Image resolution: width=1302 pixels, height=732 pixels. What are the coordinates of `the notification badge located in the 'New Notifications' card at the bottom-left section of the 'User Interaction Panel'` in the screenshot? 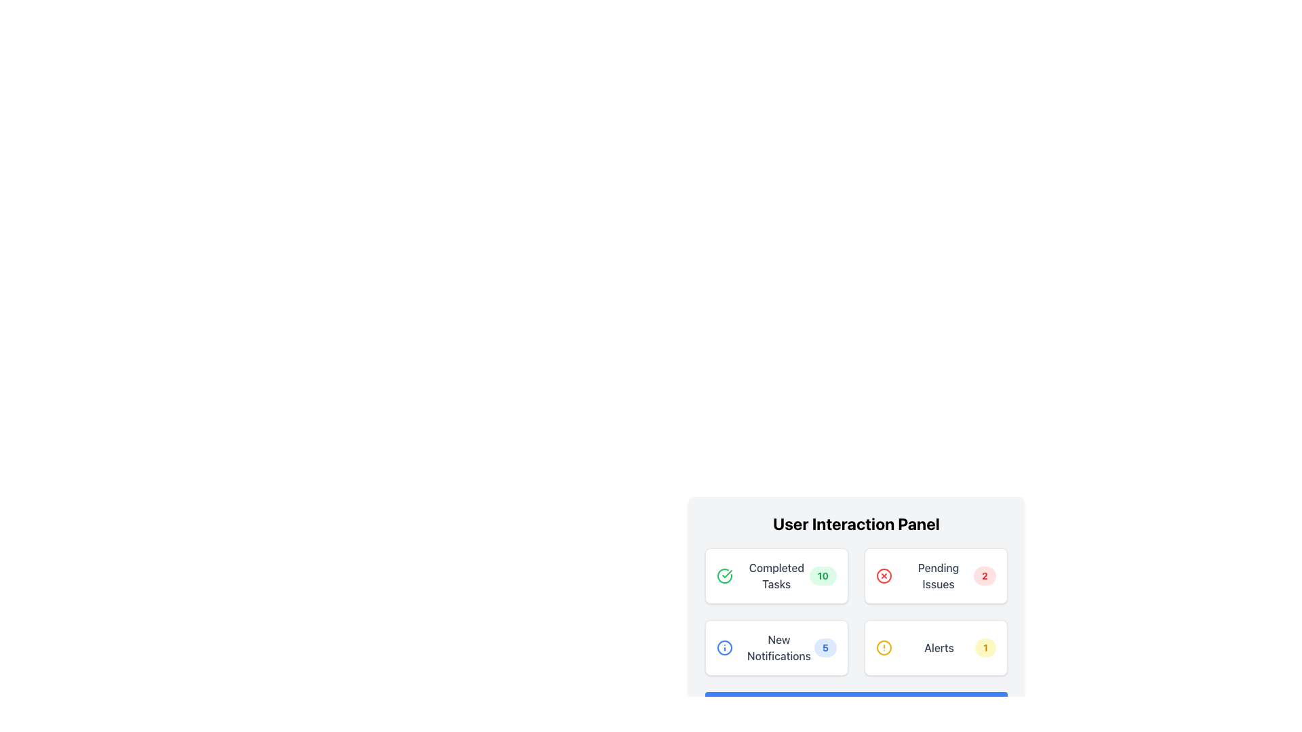 It's located at (825, 647).